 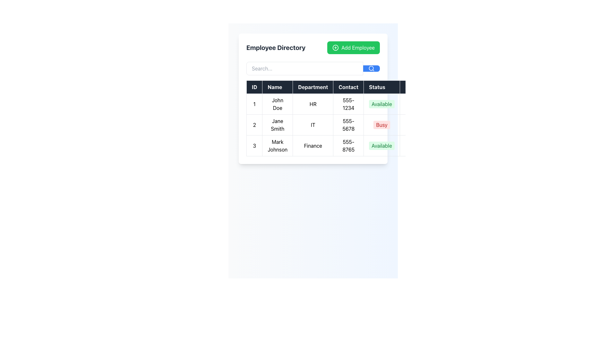 What do you see at coordinates (338, 125) in the screenshot?
I see `the row in the data table for 'Jane Smith' from the IT department for detailed operations` at bounding box center [338, 125].